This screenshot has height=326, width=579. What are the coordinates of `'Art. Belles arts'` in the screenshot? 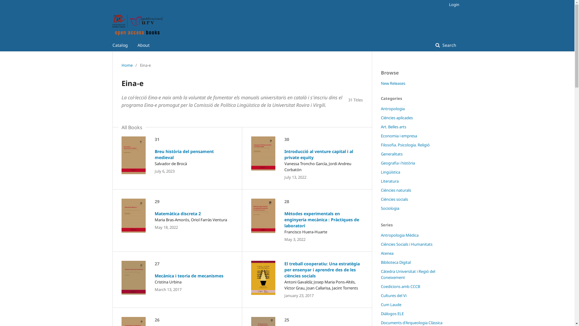 It's located at (393, 126).